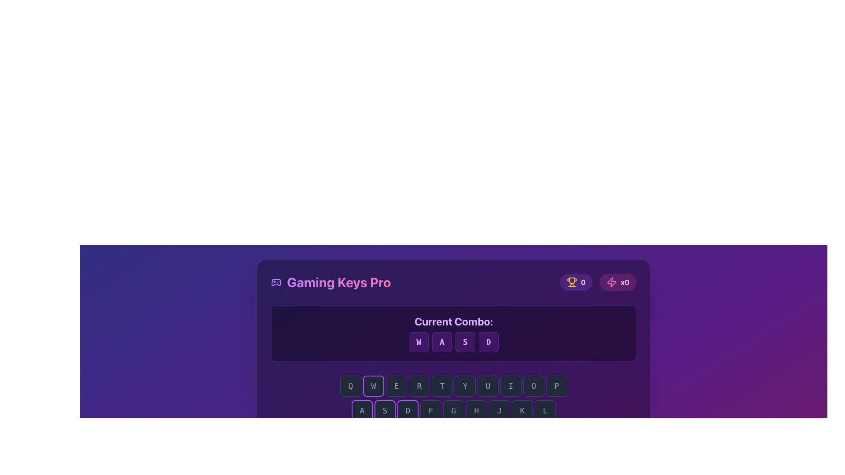 The width and height of the screenshot is (845, 475). Describe the element at coordinates (396, 386) in the screenshot. I see `the 'E' key on the virtual keyboard, which is the third button in the series of 'QWERTYUIOP' and positioned below the 'Current Combo' section` at that location.